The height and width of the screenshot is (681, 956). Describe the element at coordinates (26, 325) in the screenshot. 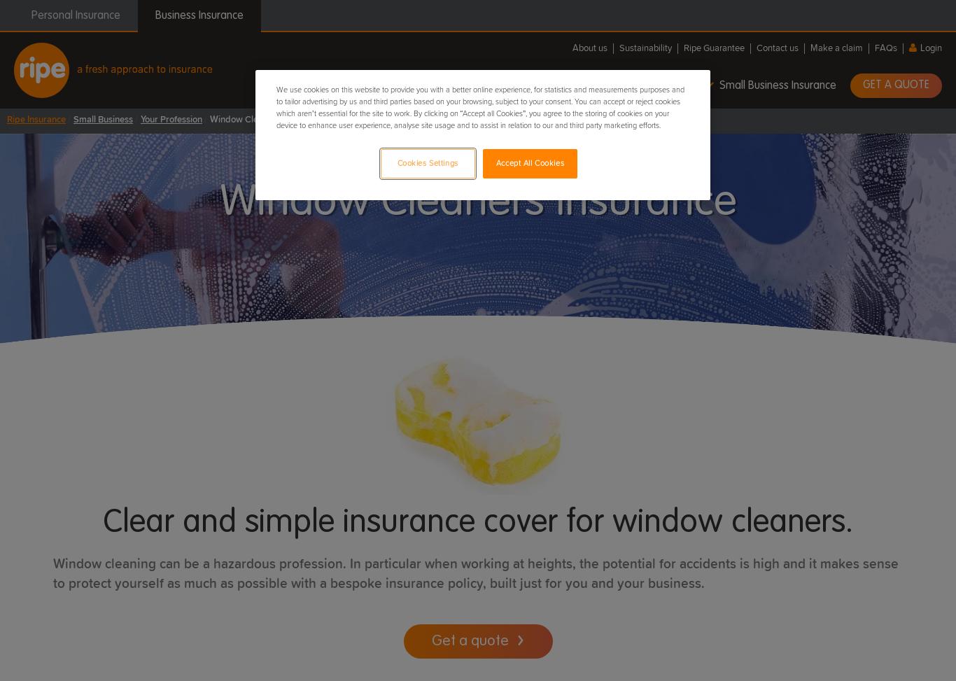

I see `'Nail Technician Insurance'` at that location.